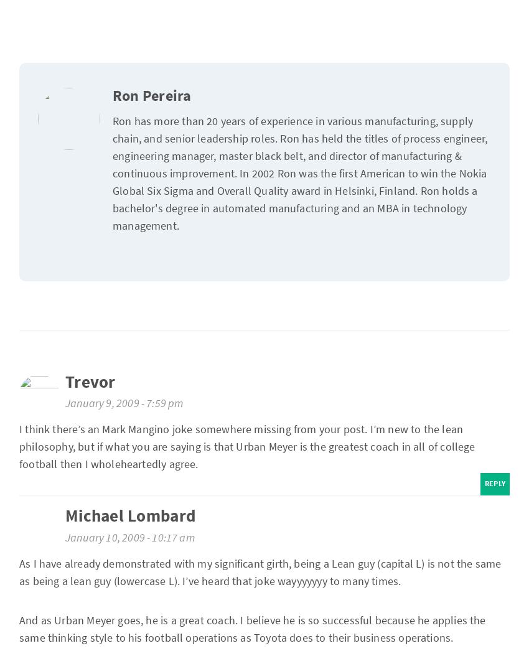 This screenshot has width=529, height=661. I want to click on 'As I have already demonstrated with my significant girth, being a Lean guy (capital L) is not the same as being a lean guy (lowercase L).  I’ve heard that joke wayyyyyyy to many times.', so click(19, 571).